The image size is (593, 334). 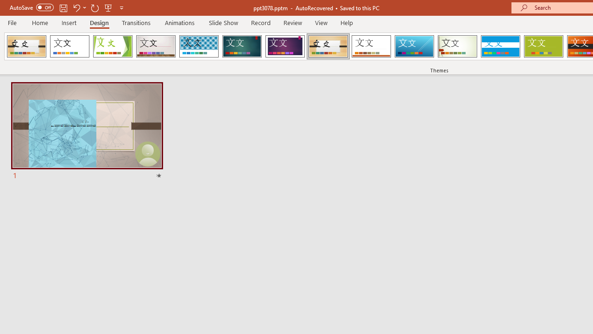 What do you see at coordinates (414, 46) in the screenshot?
I see `'Slice'` at bounding box center [414, 46].